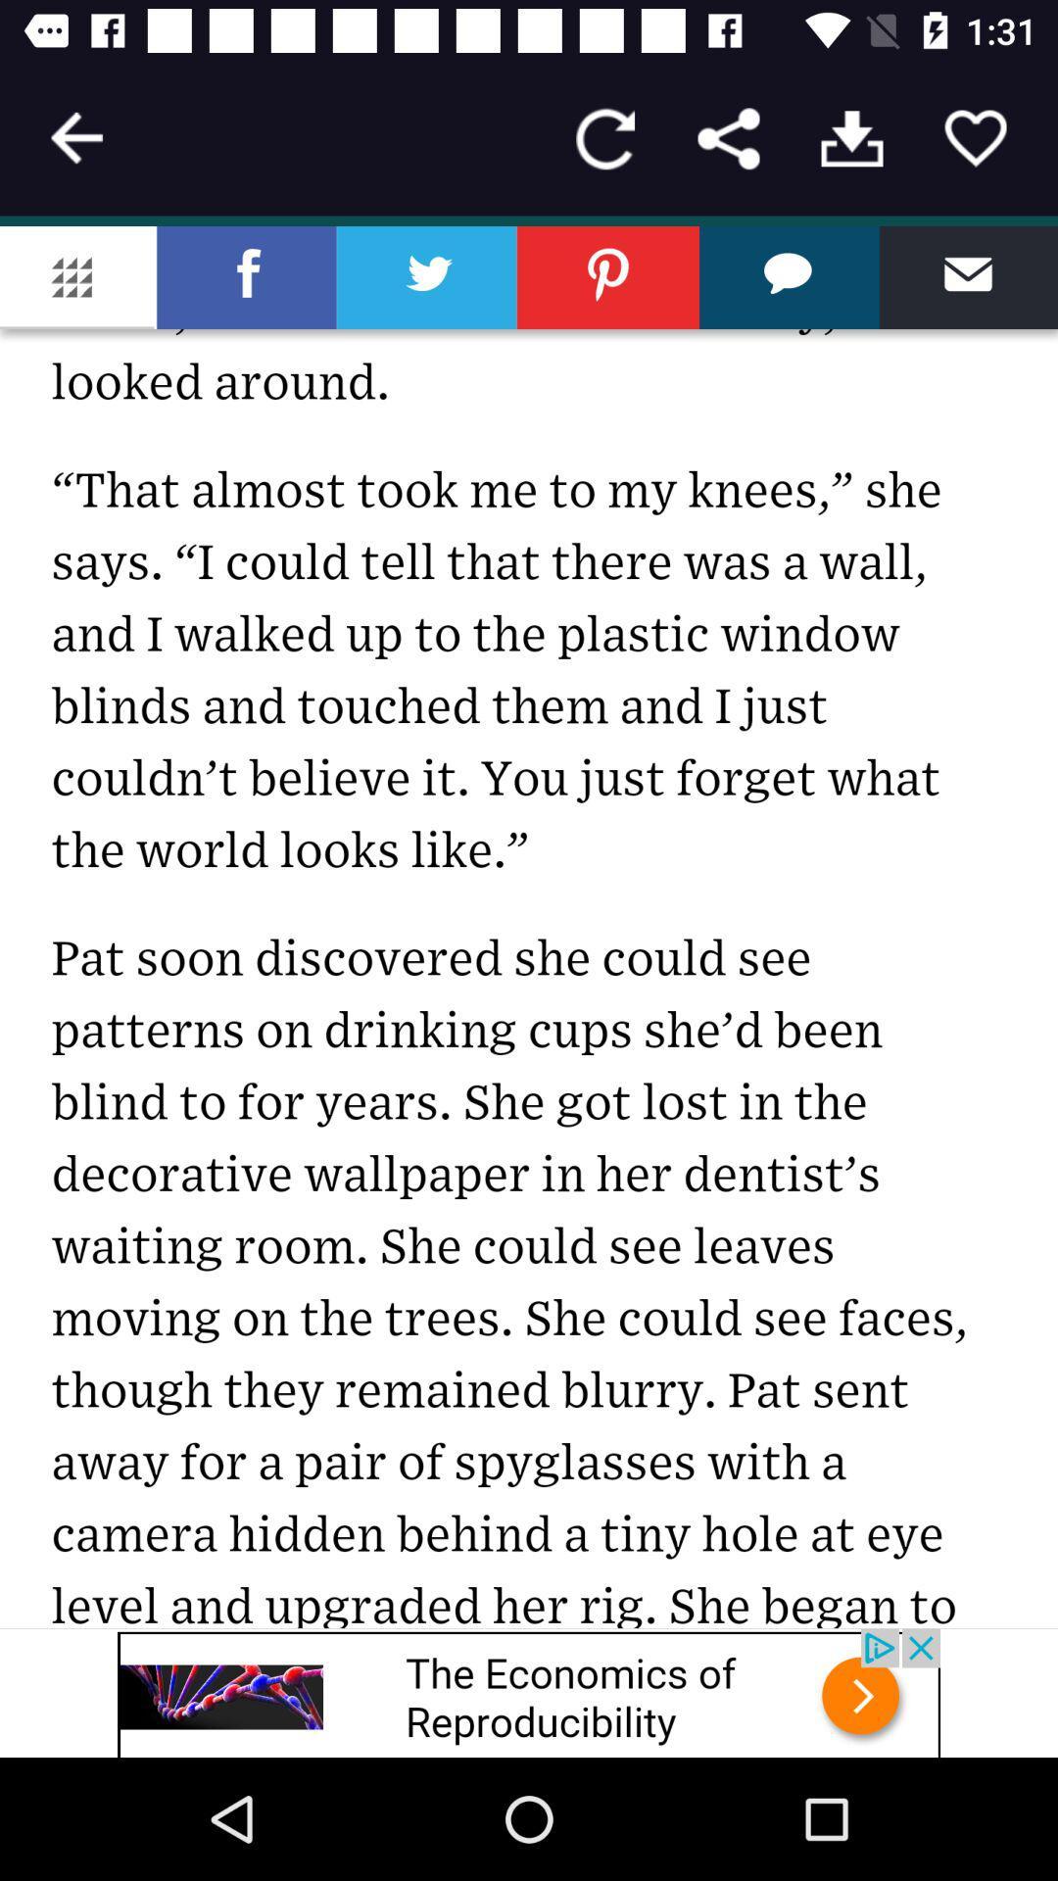 This screenshot has width=1058, height=1881. I want to click on download the article, so click(851, 137).